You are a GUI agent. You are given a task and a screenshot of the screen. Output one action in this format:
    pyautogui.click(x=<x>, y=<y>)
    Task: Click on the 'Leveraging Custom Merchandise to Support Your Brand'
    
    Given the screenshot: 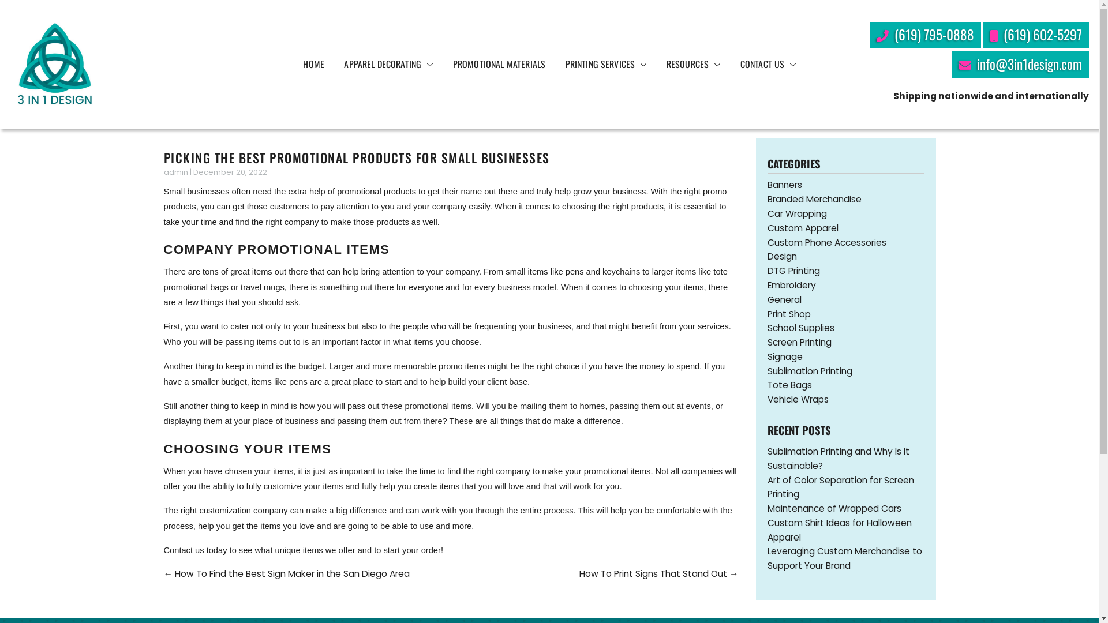 What is the action you would take?
    pyautogui.click(x=845, y=558)
    